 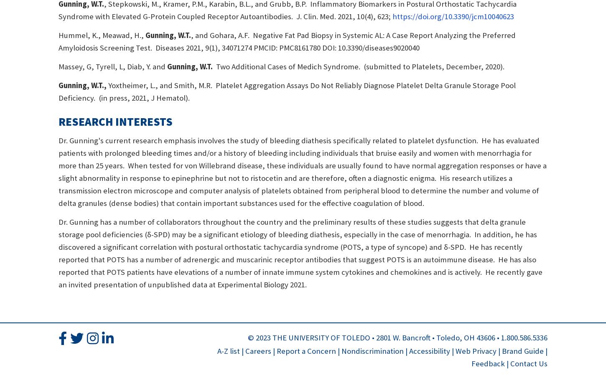 I want to click on 'Research Interests', so click(x=115, y=121).